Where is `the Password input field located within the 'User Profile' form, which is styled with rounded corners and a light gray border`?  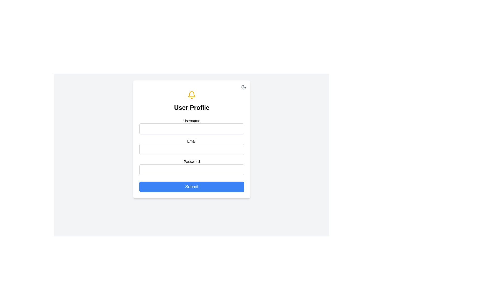
the Password input field located within the 'User Profile' form, which is styled with rounded corners and a light gray border is located at coordinates (191, 170).